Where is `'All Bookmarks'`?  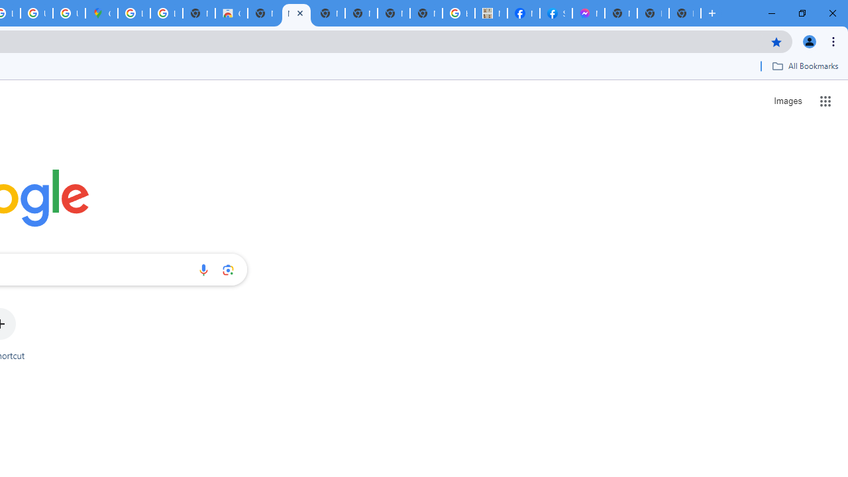 'All Bookmarks' is located at coordinates (804, 66).